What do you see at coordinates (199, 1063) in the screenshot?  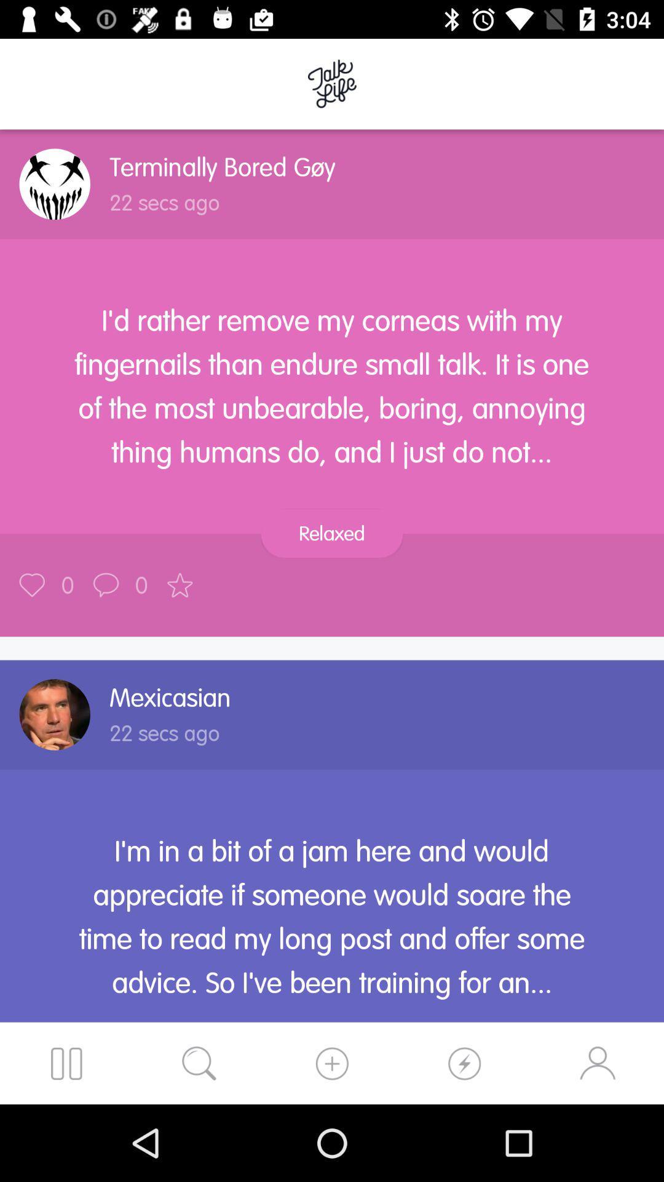 I see `the search icon` at bounding box center [199, 1063].